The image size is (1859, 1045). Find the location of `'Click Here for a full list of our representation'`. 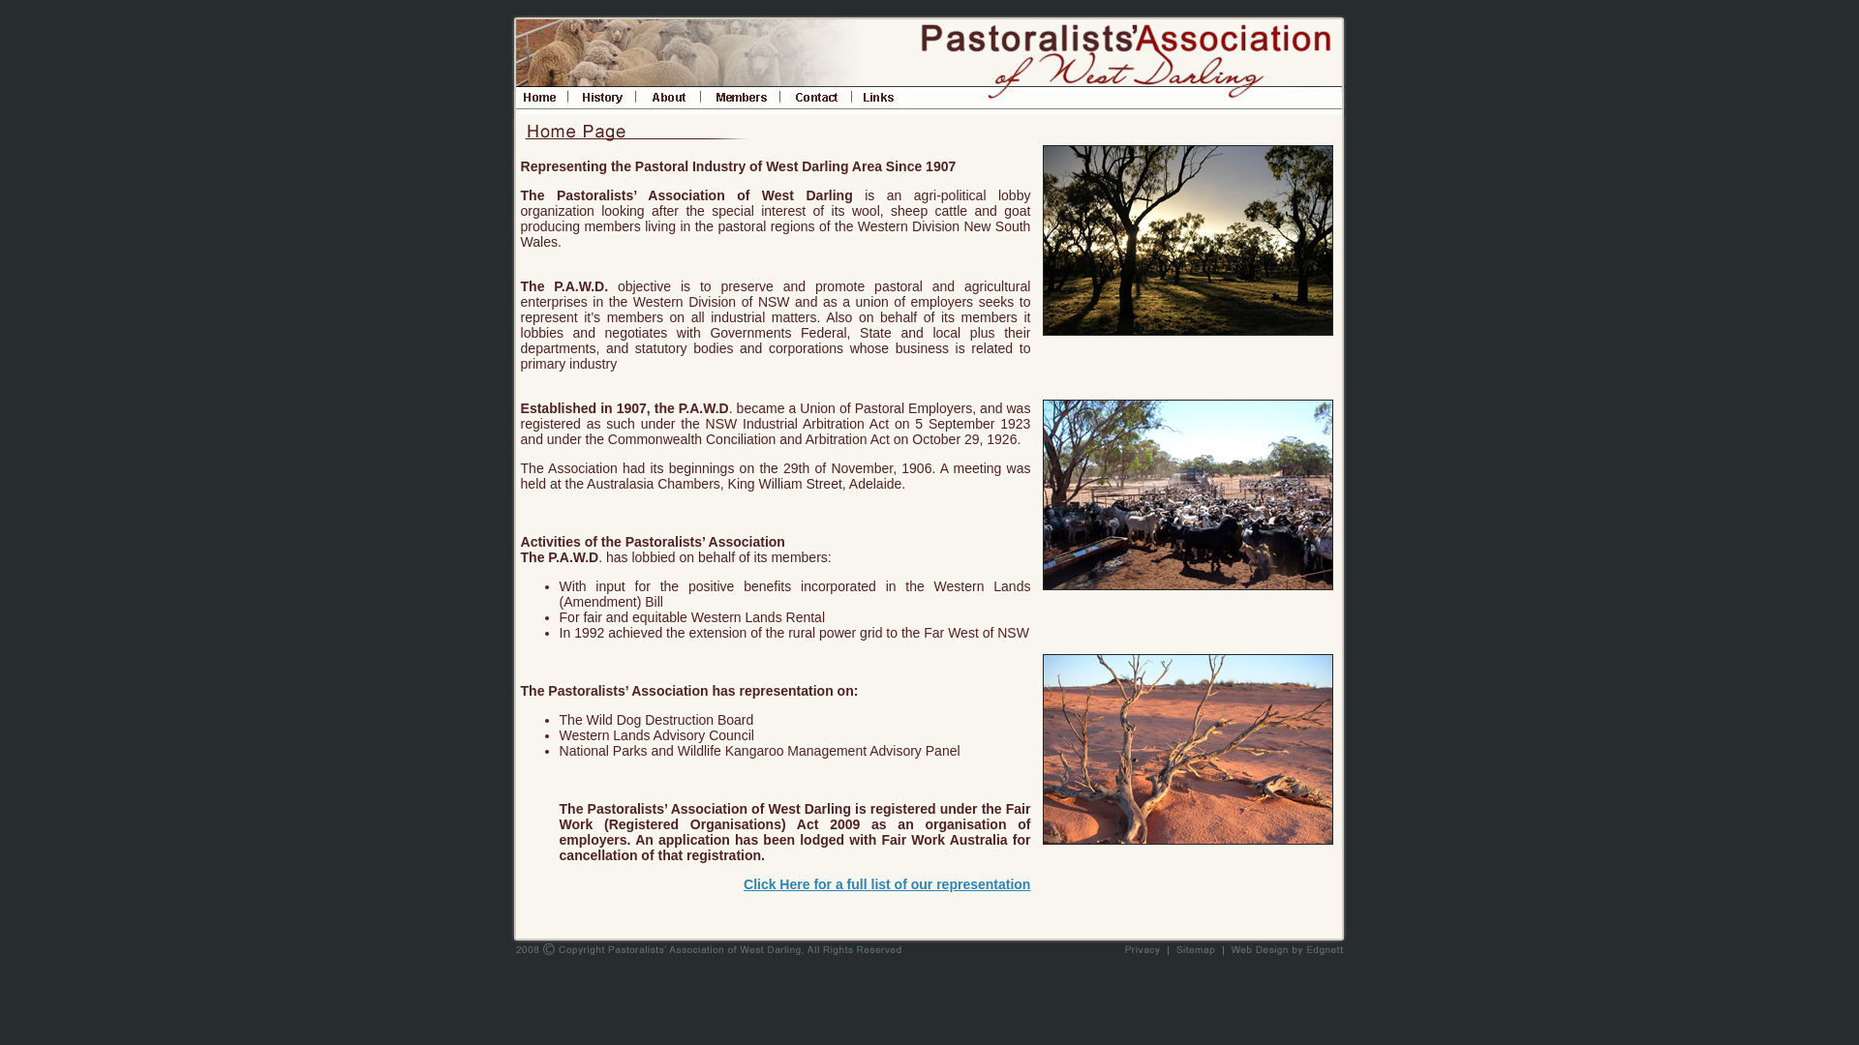

'Click Here for a full list of our representation' is located at coordinates (886, 884).